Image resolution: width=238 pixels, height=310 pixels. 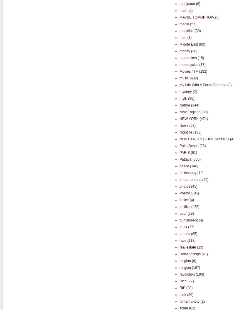 I want to click on '(435)', so click(x=194, y=206).